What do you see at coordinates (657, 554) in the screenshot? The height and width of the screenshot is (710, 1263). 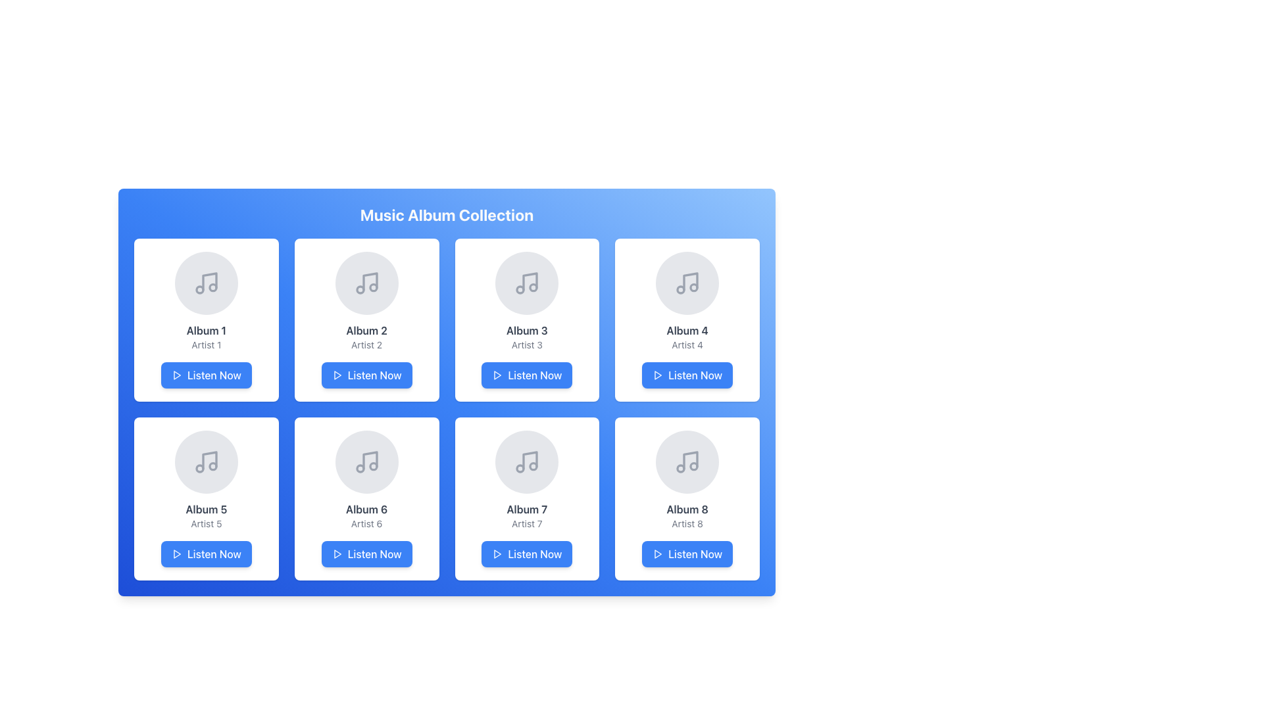 I see `the play icon located at the far left of the 'Listen Now' button under 'Album 8, Artist 8'` at bounding box center [657, 554].